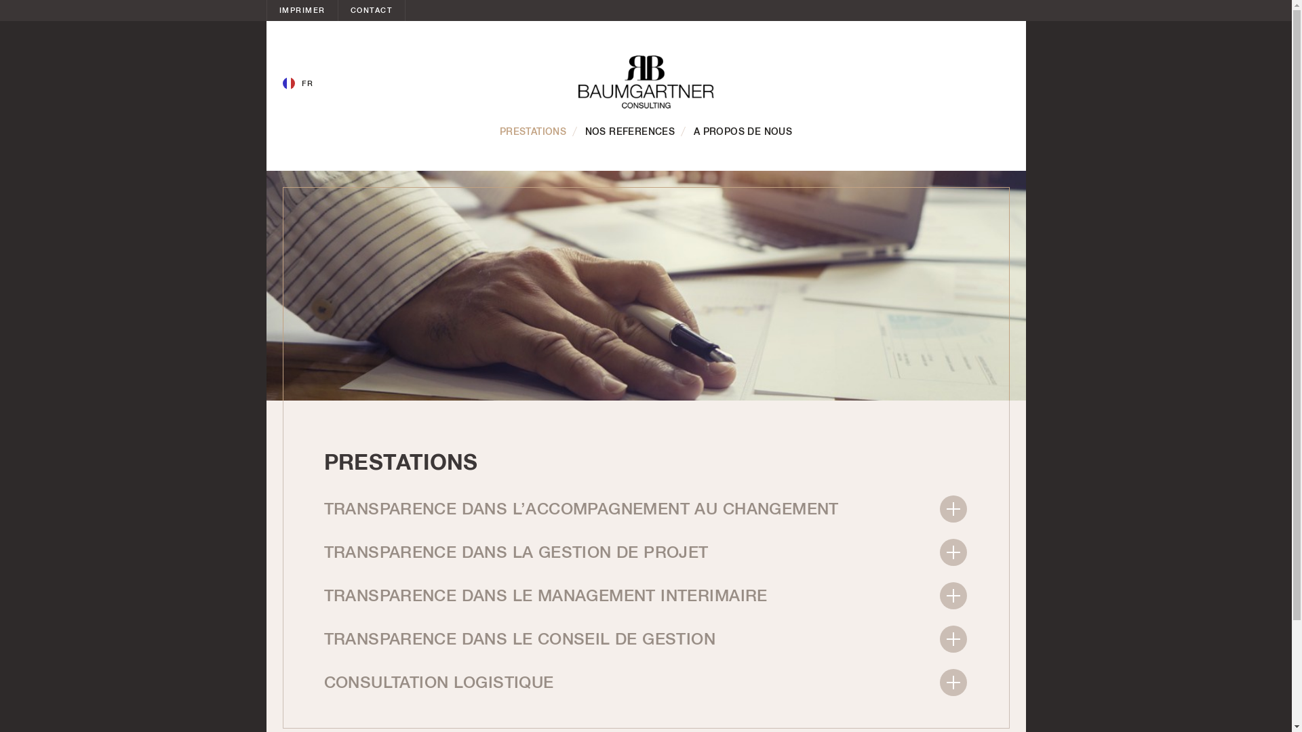  Describe the element at coordinates (281, 83) in the screenshot. I see `'FR'` at that location.